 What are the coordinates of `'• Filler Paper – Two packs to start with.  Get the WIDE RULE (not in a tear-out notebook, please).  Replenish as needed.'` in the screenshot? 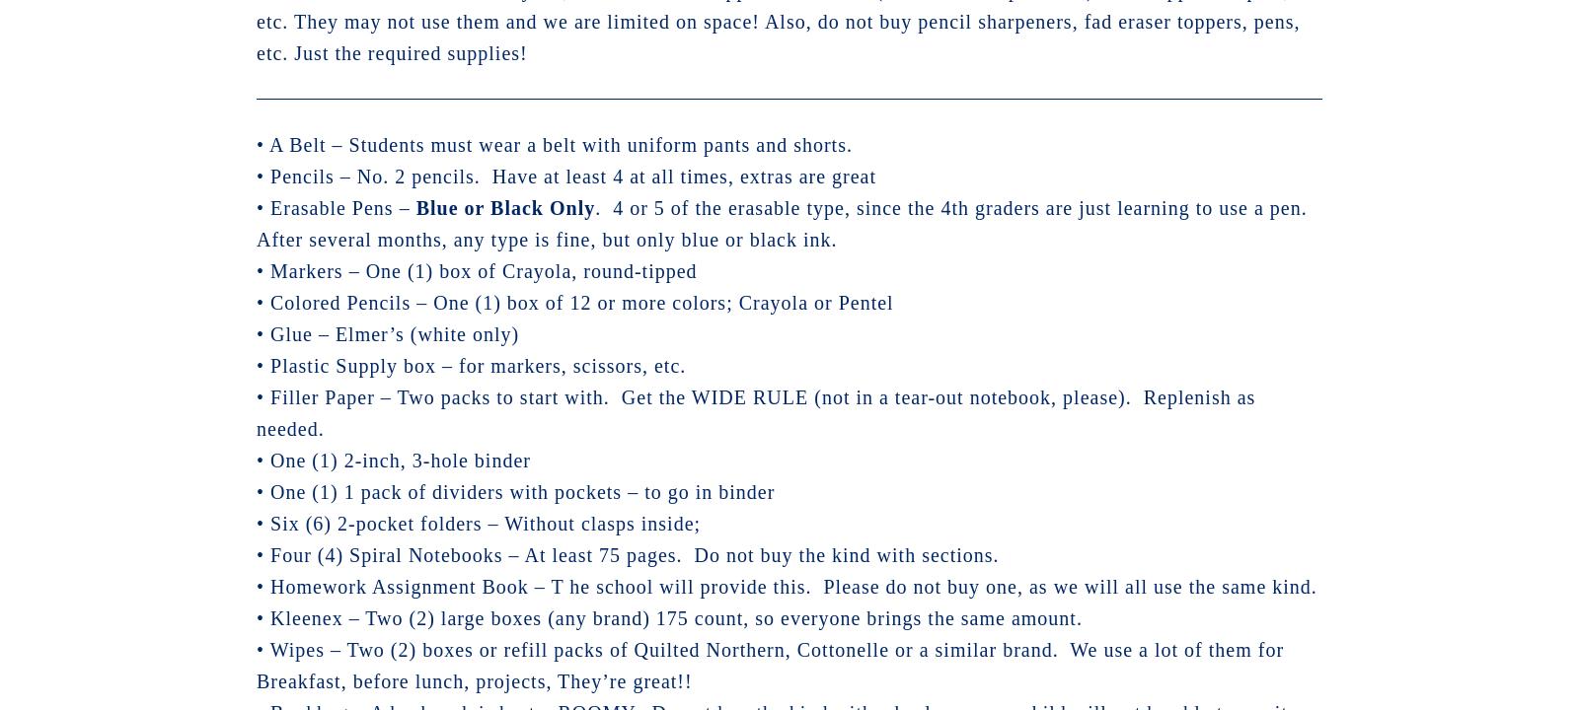 It's located at (257, 411).